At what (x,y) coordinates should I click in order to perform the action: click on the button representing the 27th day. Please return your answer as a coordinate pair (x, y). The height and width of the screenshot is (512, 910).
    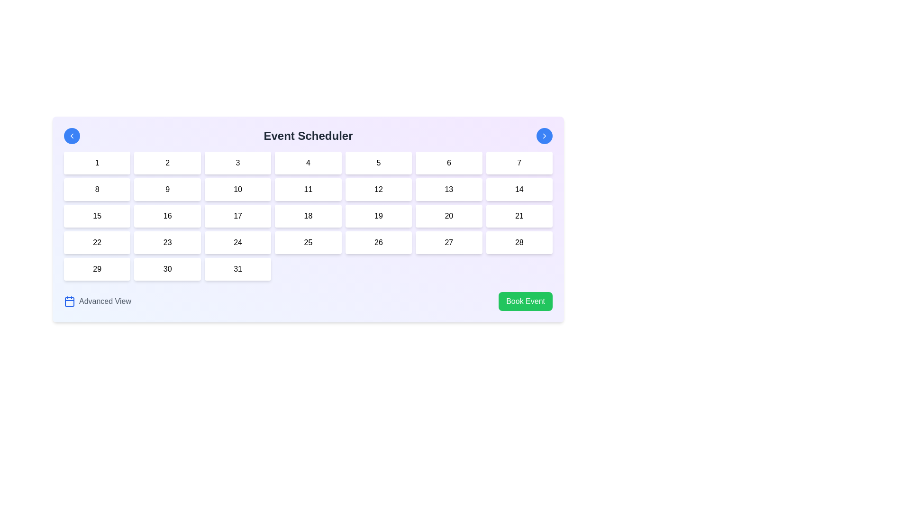
    Looking at the image, I should click on (448, 242).